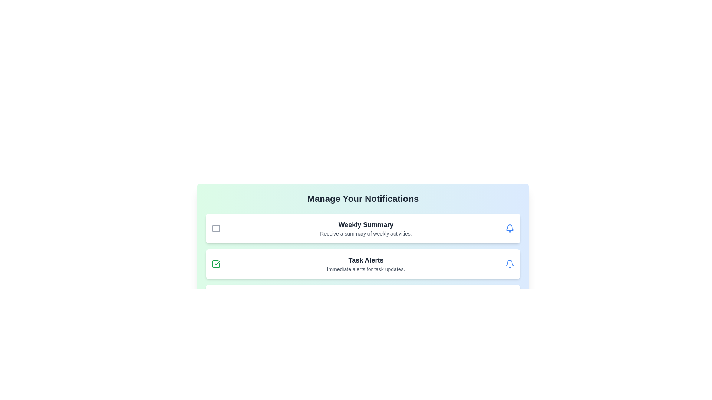  Describe the element at coordinates (363, 228) in the screenshot. I see `the first horizontal card with a checkbox and icon in the 'Manage Your Notifications' section` at that location.